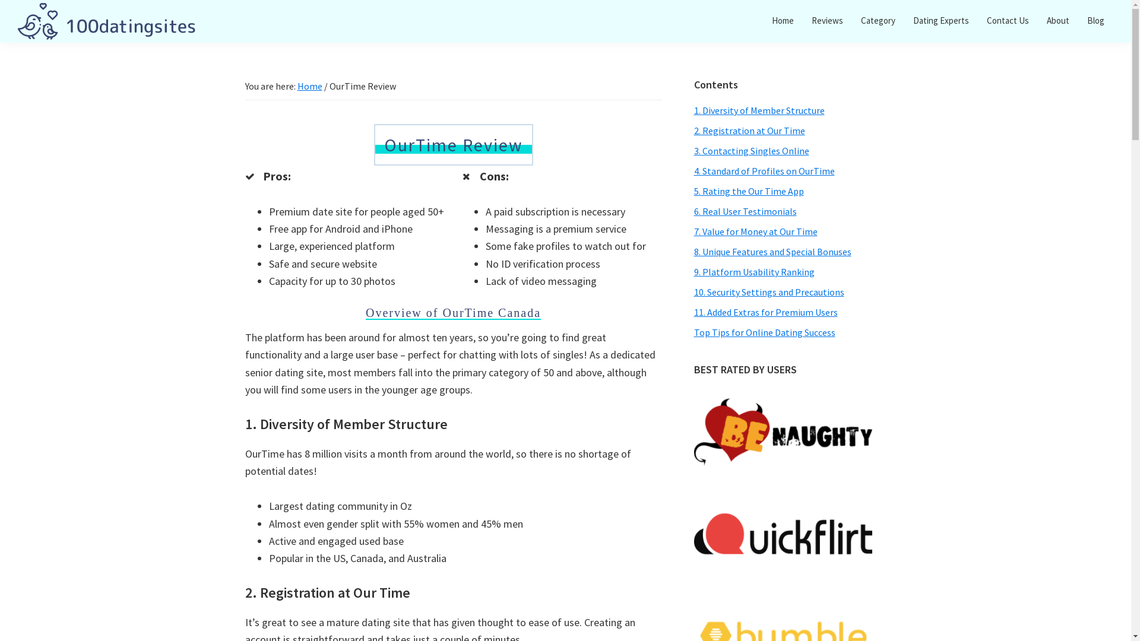  I want to click on '7. Value for Money at Our Time', so click(755, 231).